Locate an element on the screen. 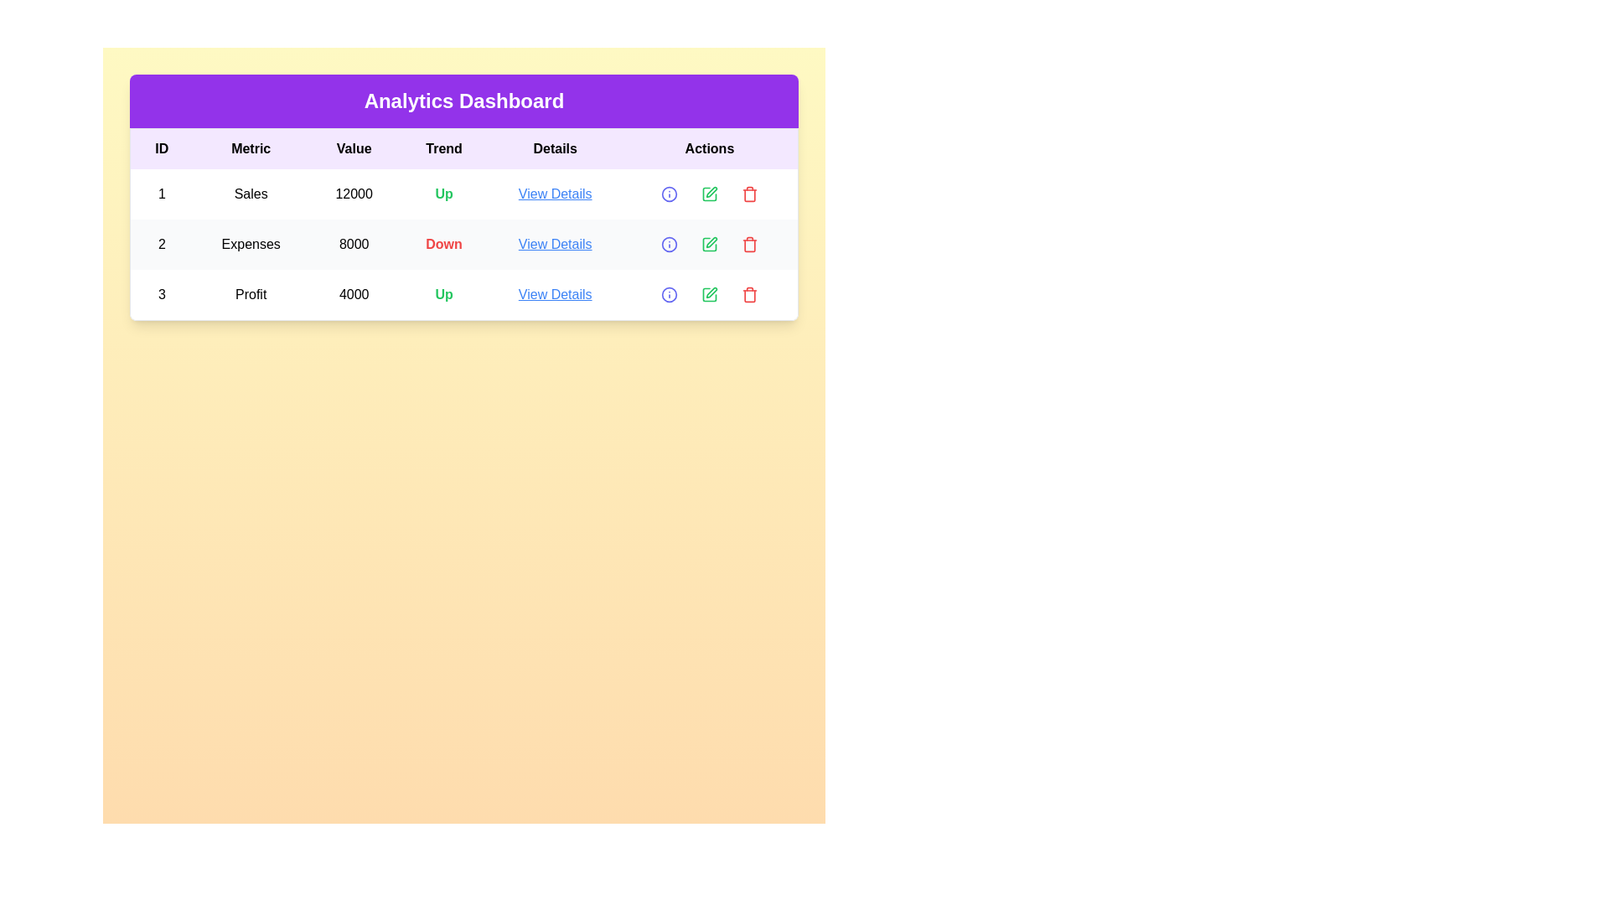  the delete icon button in the Actions column of the table that corresponds to the Profit data, located in the third row is located at coordinates (748, 293).